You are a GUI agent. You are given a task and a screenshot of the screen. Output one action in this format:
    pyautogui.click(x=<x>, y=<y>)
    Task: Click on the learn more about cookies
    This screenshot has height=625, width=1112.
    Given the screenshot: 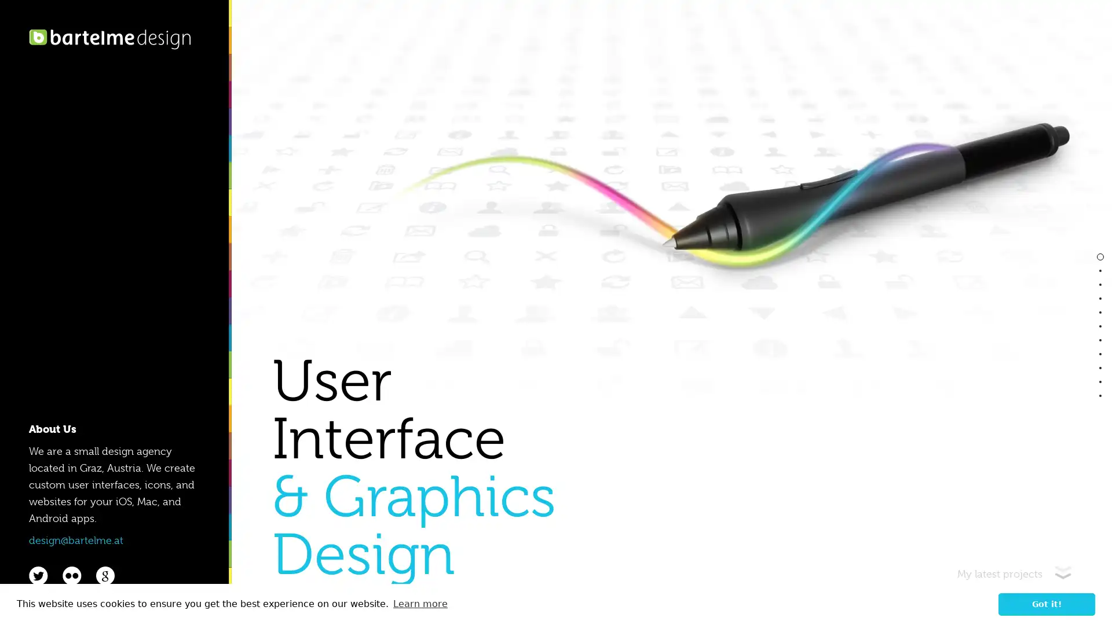 What is the action you would take?
    pyautogui.click(x=419, y=604)
    